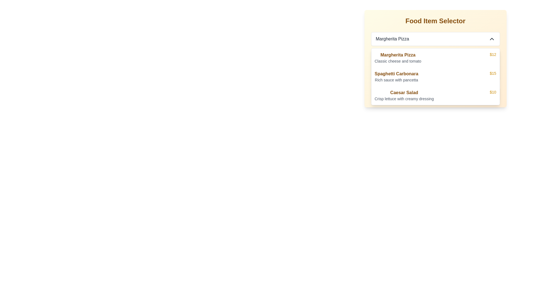 This screenshot has height=299, width=533. What do you see at coordinates (493, 77) in the screenshot?
I see `the price text label displaying '$15' located on the right side of the 'Spaghetti Carbonara' menu item` at bounding box center [493, 77].